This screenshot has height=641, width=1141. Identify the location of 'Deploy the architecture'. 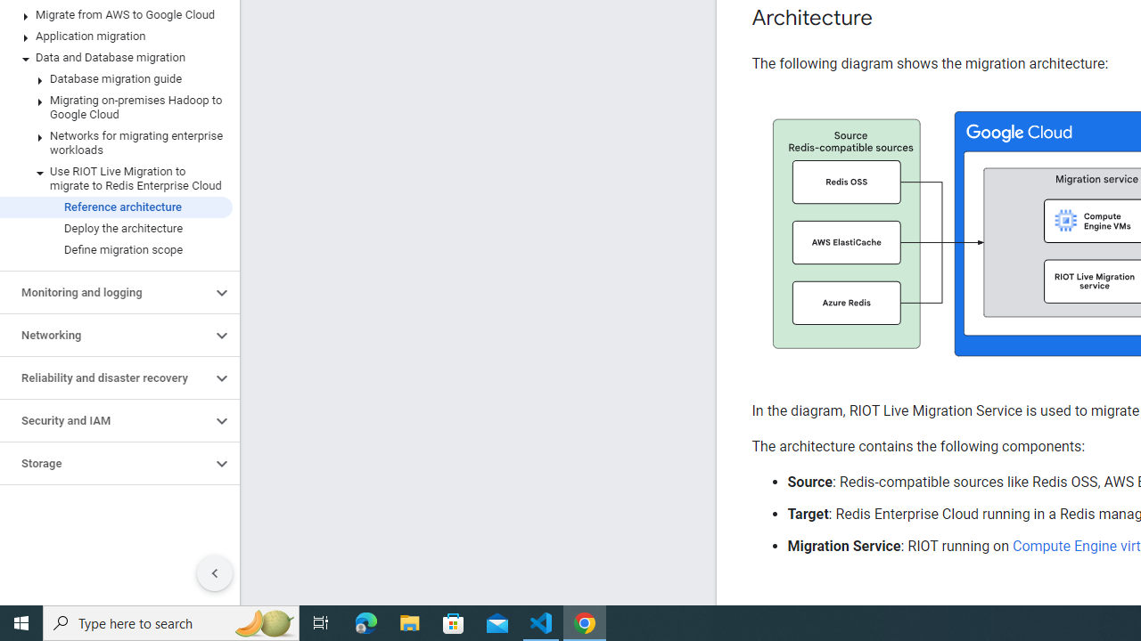
(115, 228).